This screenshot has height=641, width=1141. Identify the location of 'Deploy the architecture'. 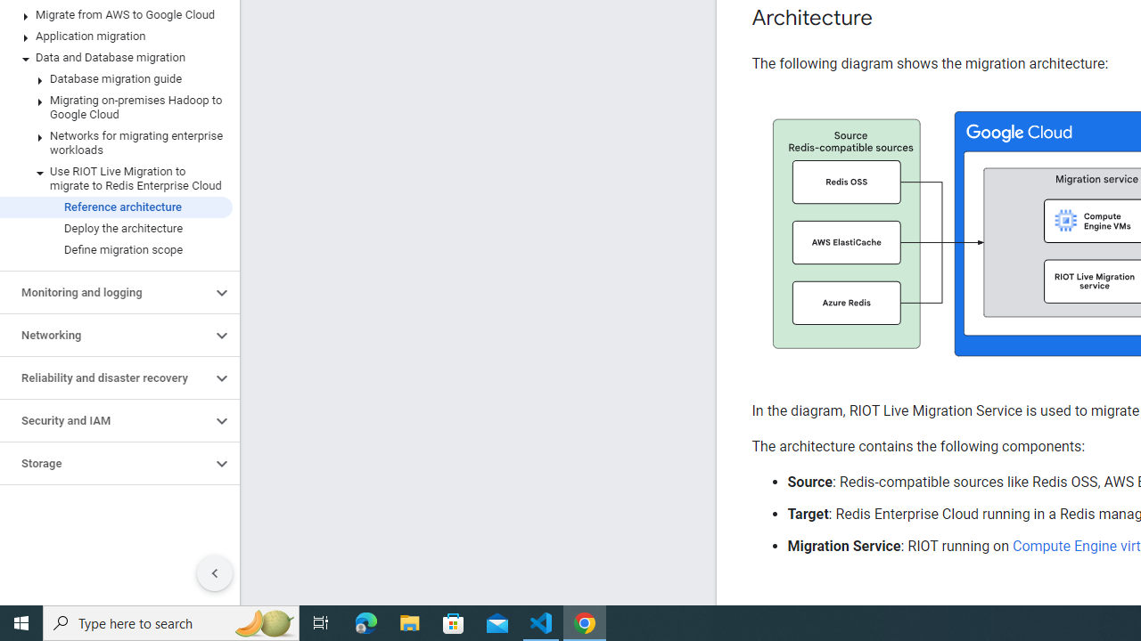
(115, 228).